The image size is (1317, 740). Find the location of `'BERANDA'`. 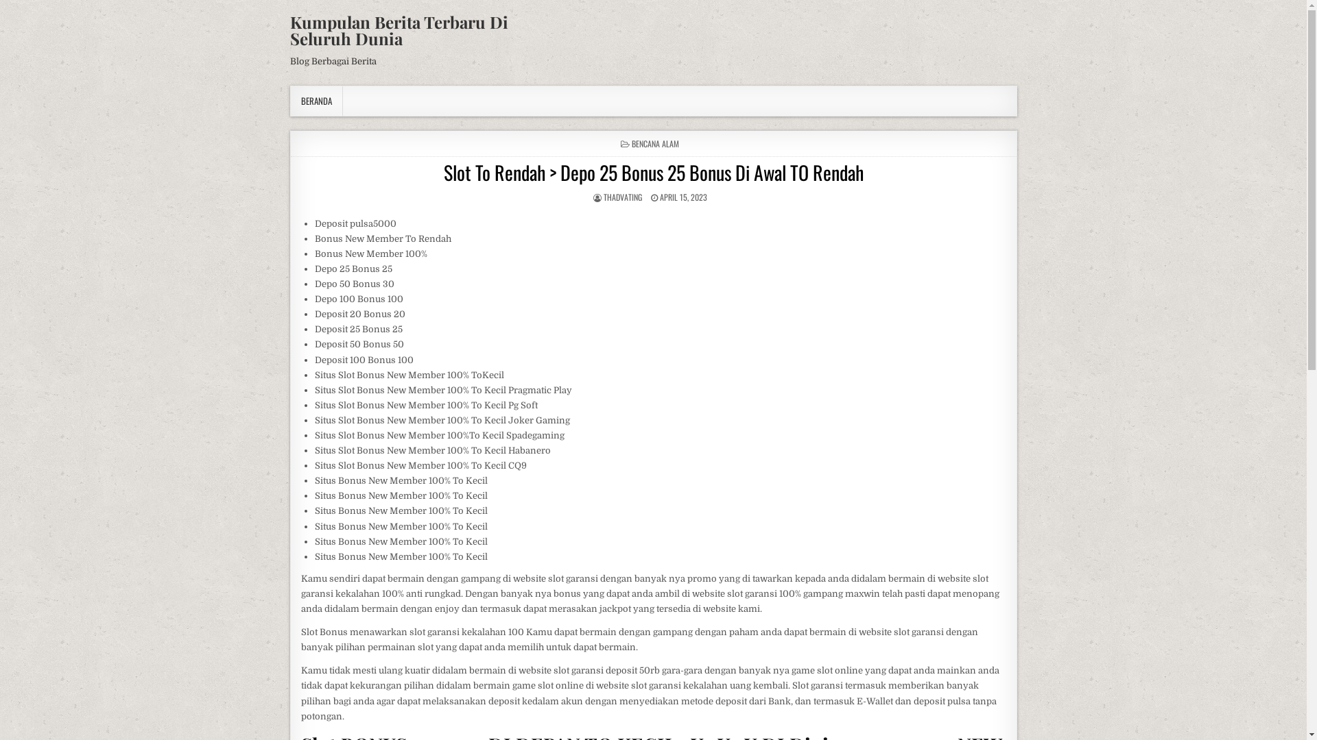

'BERANDA' is located at coordinates (316, 100).